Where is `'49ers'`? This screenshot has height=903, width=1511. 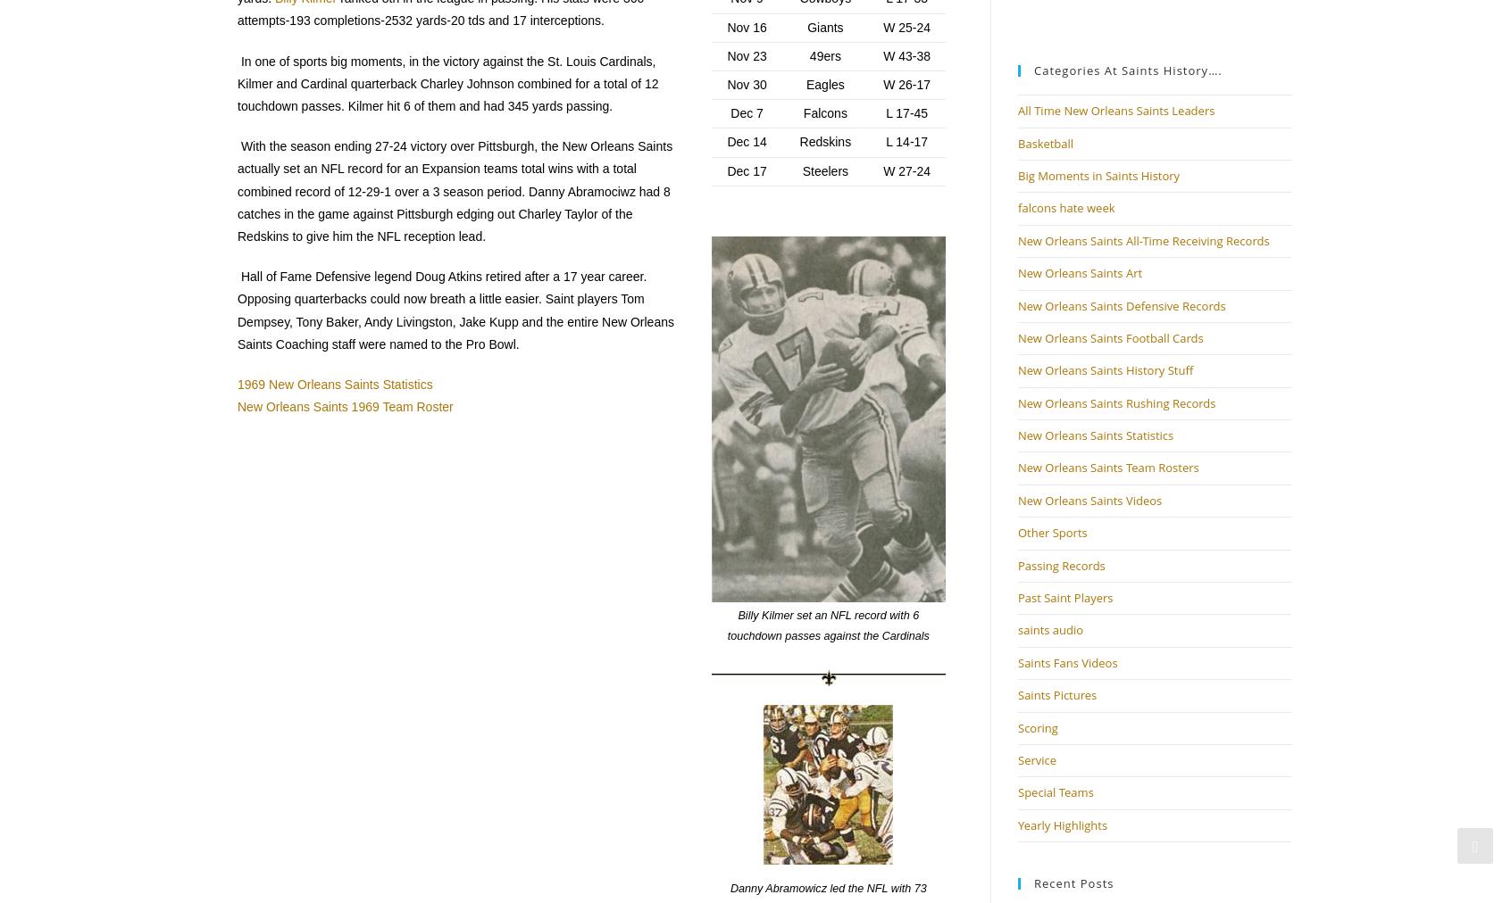 '49ers' is located at coordinates (808, 54).